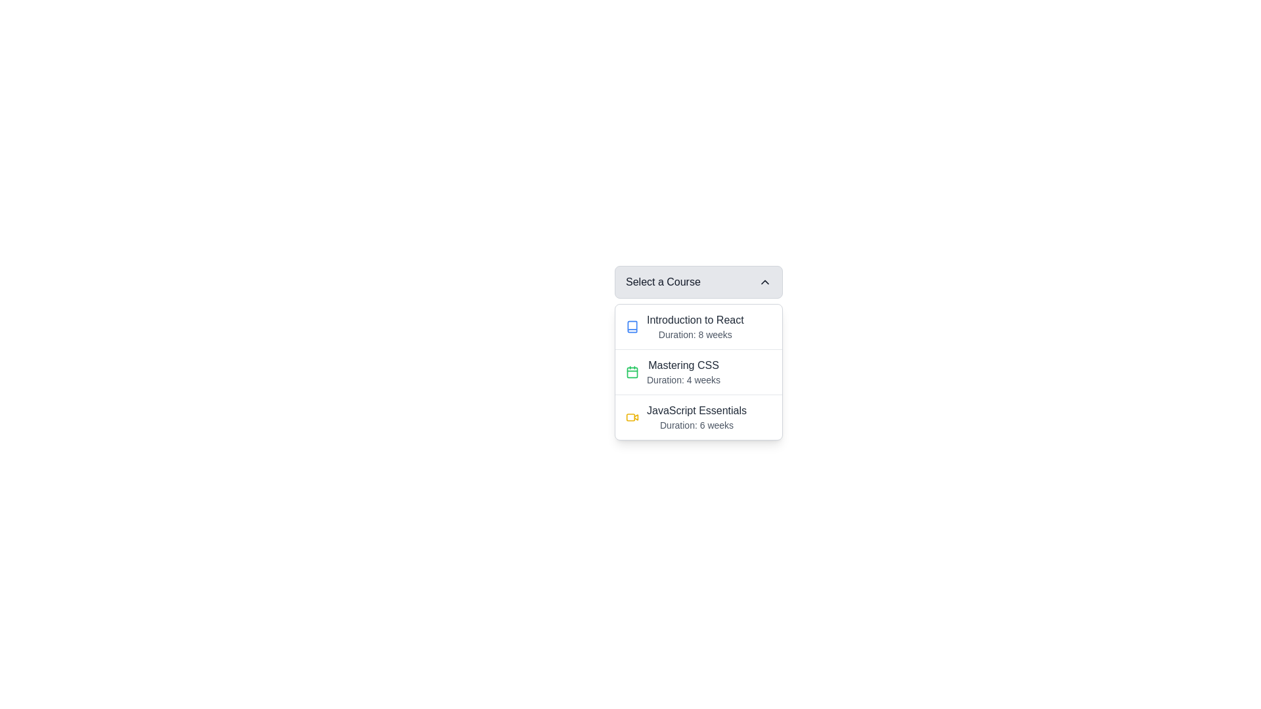 The image size is (1261, 709). I want to click on the static text label 'Select a Course' inside the dropdown menu button, which is positioned in the upper-left corner of the button structure, so click(663, 281).